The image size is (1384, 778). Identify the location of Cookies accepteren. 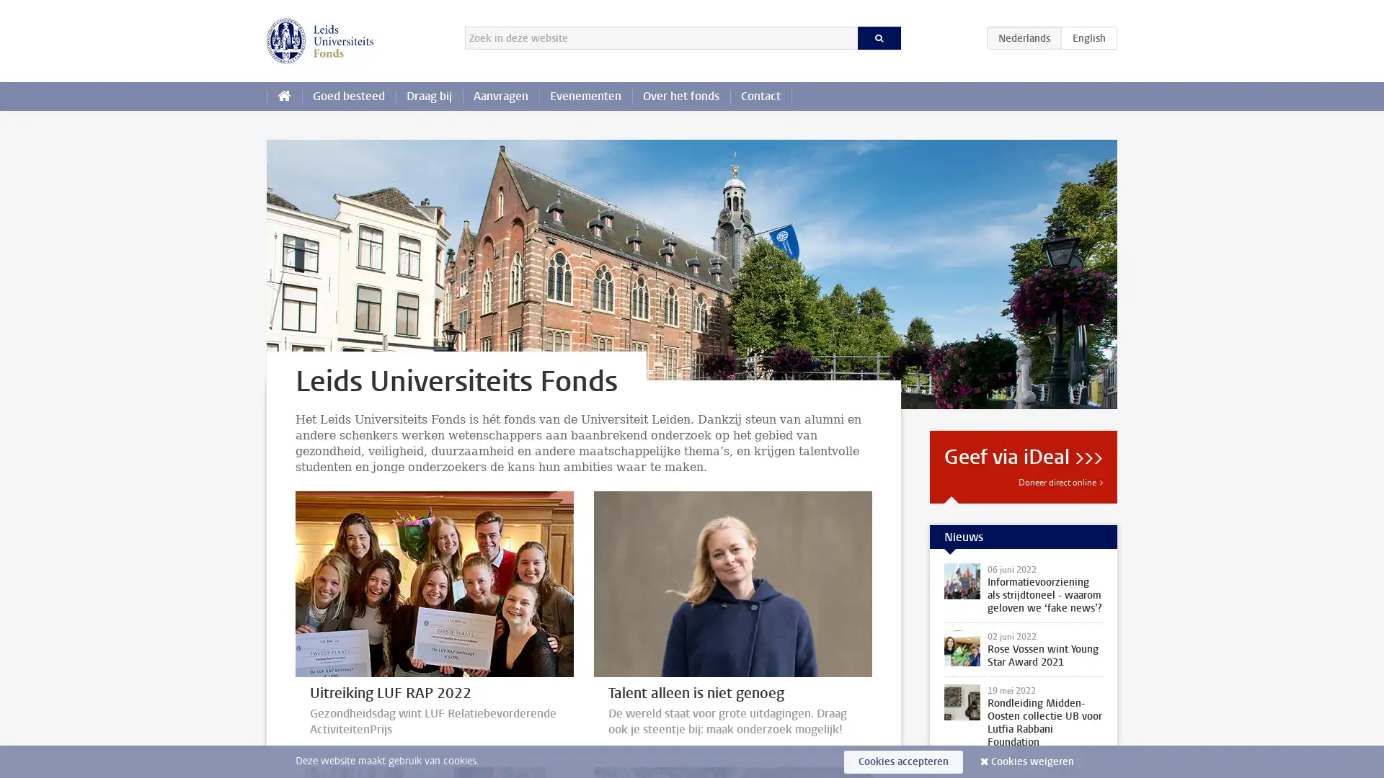
(902, 761).